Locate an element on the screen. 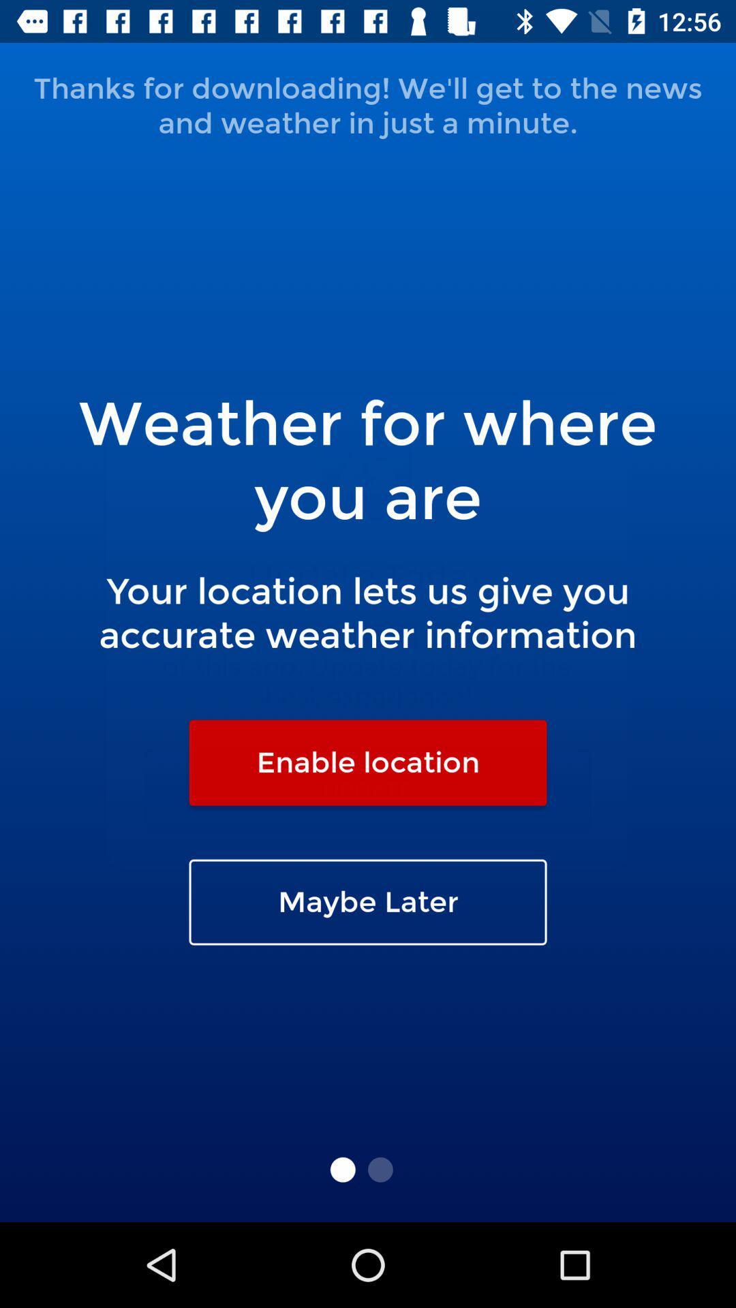  item below the enable location is located at coordinates (368, 902).